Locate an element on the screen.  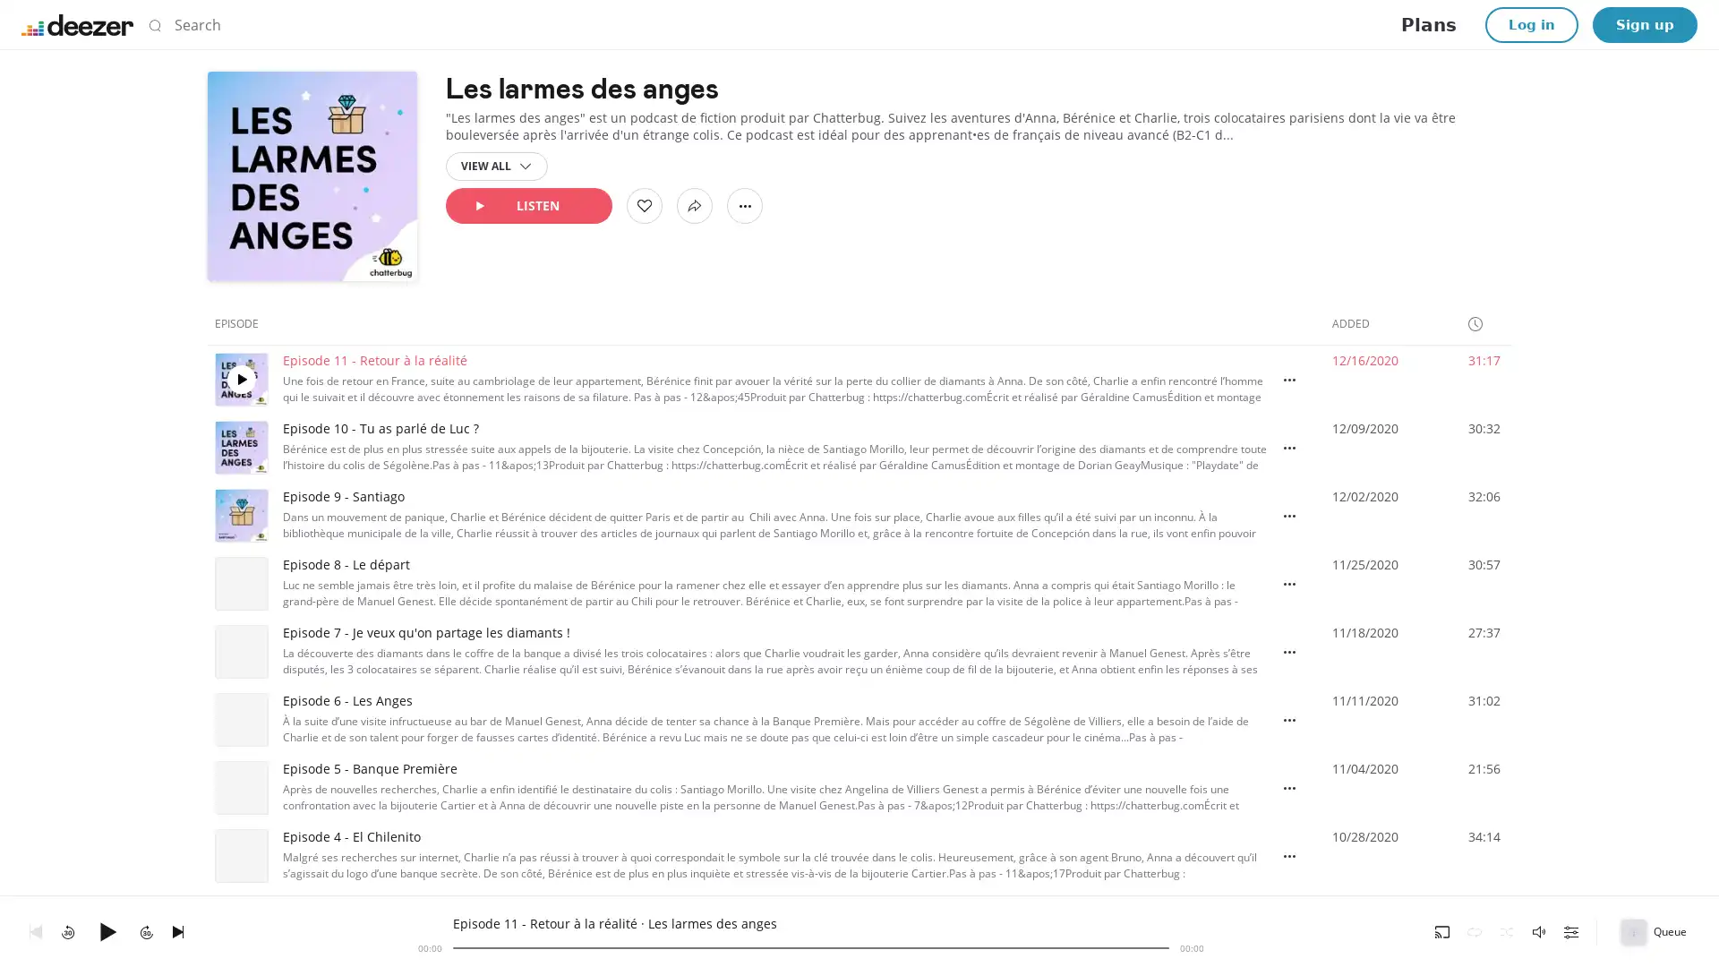
Play Episode 11 - Retour a la realite by Les larmes des anges is located at coordinates (240, 379).